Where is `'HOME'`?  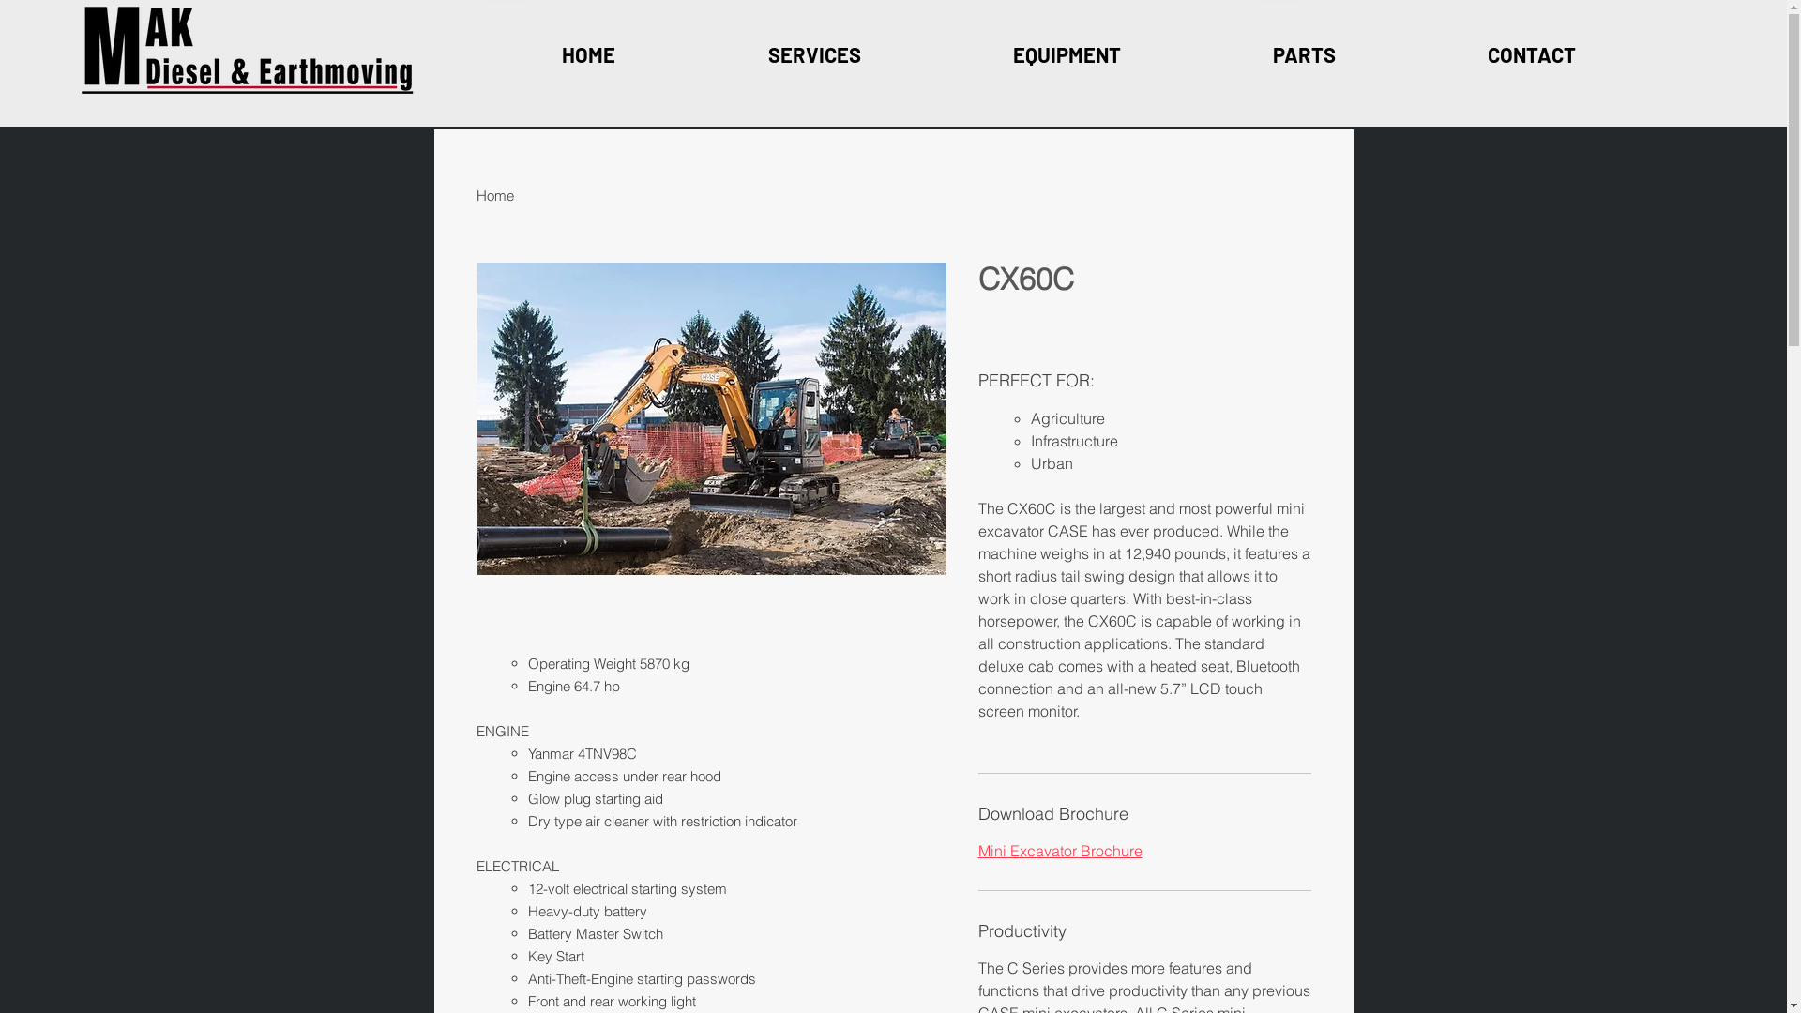
'HOME' is located at coordinates (588, 53).